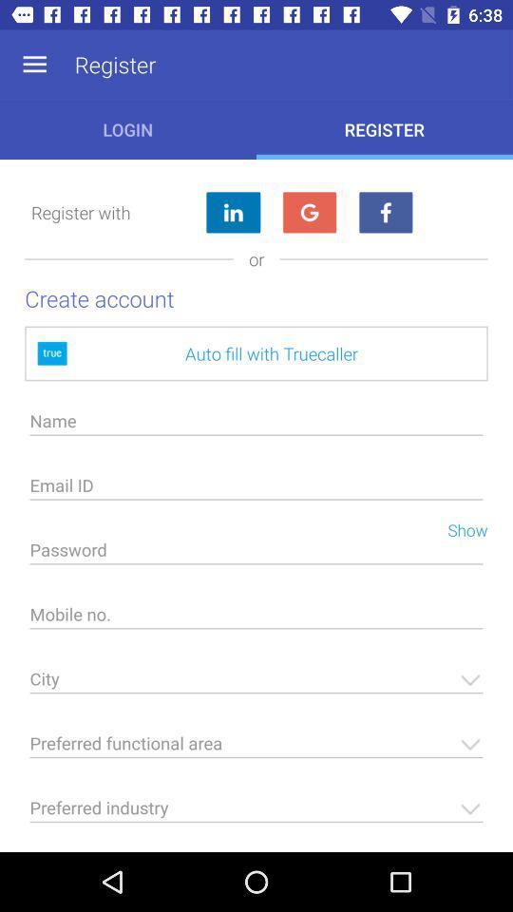 This screenshot has width=513, height=912. Describe the element at coordinates (309, 213) in the screenshot. I see `the icon below register icon` at that location.